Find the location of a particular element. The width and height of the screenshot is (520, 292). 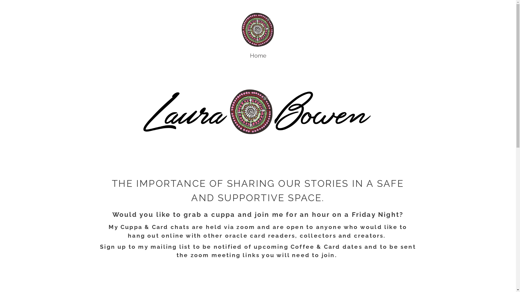

'Home' is located at coordinates (249, 55).